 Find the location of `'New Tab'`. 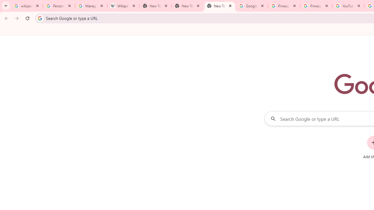

'New Tab' is located at coordinates (219, 6).